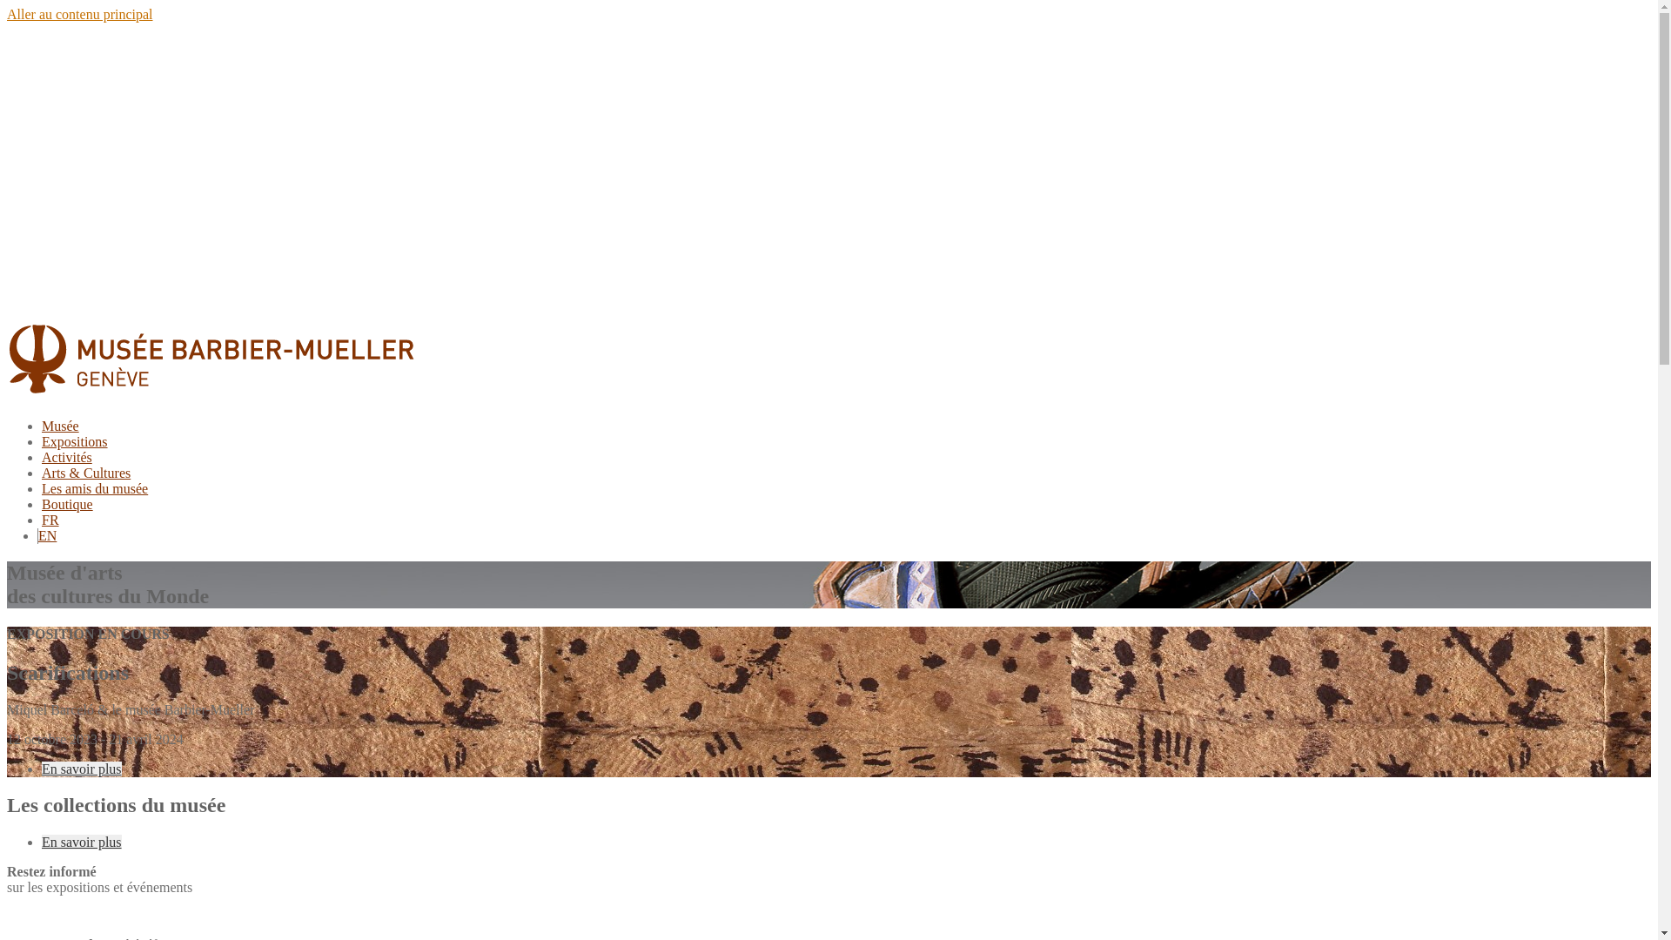 Image resolution: width=1671 pixels, height=940 pixels. Describe the element at coordinates (42, 841) in the screenshot. I see `'En savoir plus'` at that location.